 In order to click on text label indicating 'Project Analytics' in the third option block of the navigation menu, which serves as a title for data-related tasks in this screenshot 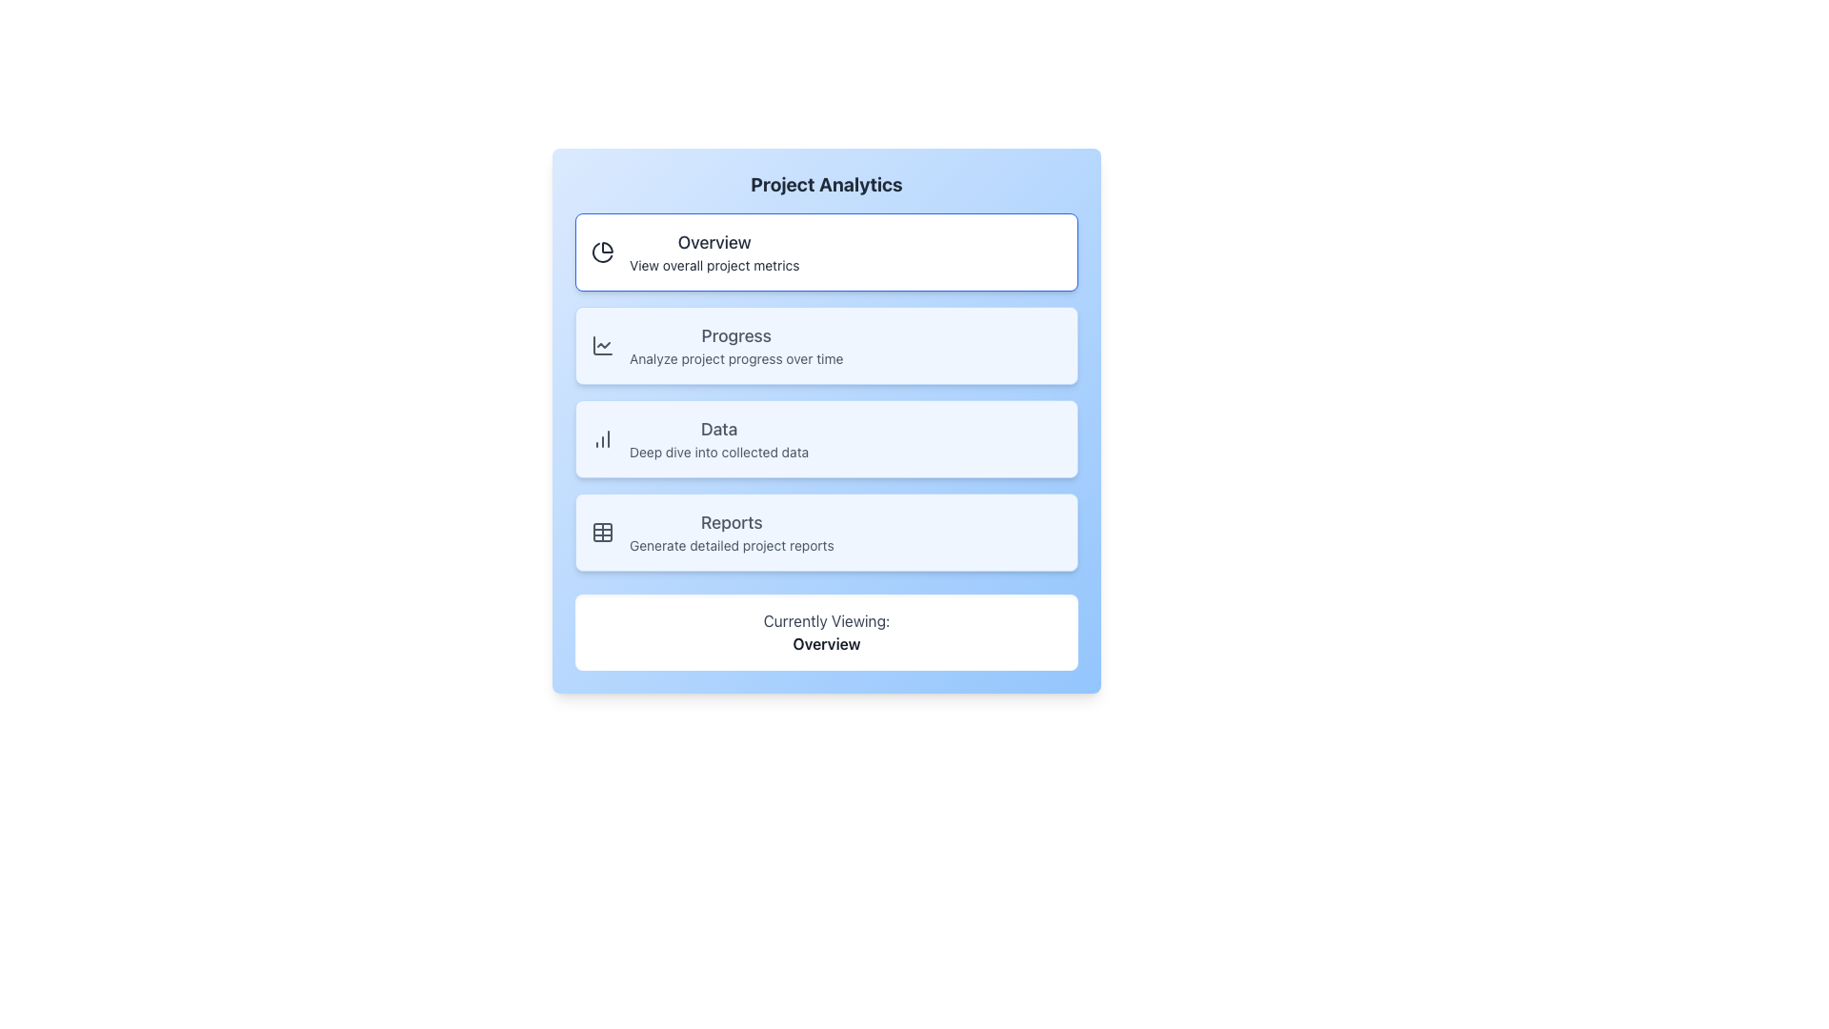, I will do `click(718, 430)`.